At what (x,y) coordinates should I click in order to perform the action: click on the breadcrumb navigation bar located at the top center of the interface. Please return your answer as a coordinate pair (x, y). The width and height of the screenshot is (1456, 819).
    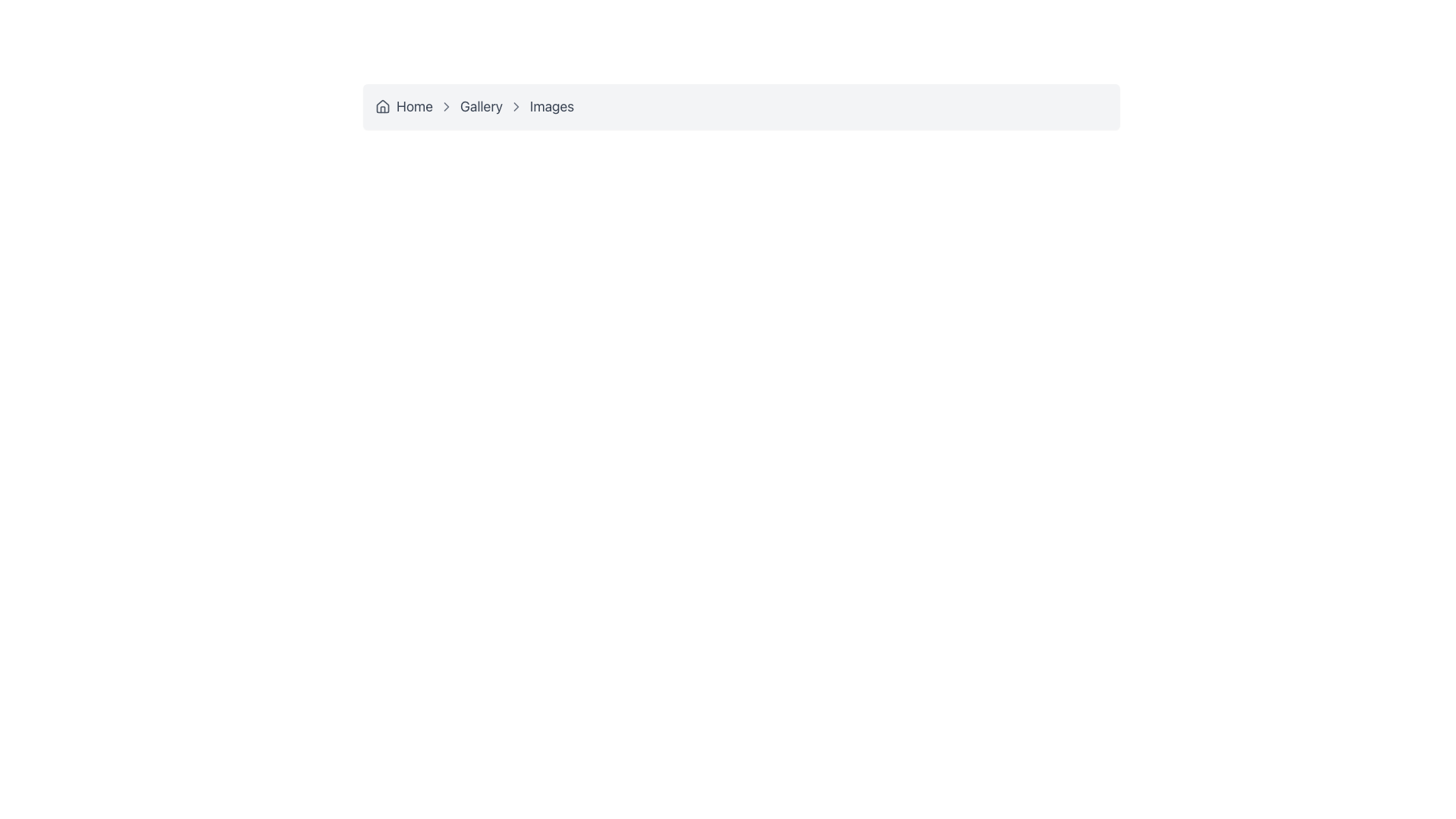
    Looking at the image, I should click on (742, 106).